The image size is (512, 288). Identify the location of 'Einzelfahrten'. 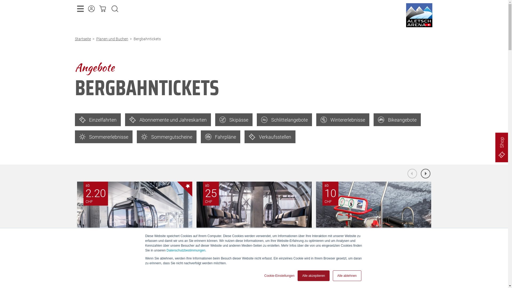
(98, 119).